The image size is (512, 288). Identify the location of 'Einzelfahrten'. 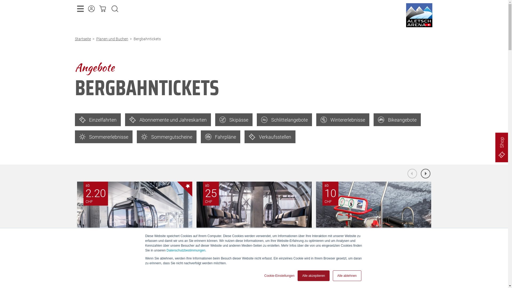
(98, 119).